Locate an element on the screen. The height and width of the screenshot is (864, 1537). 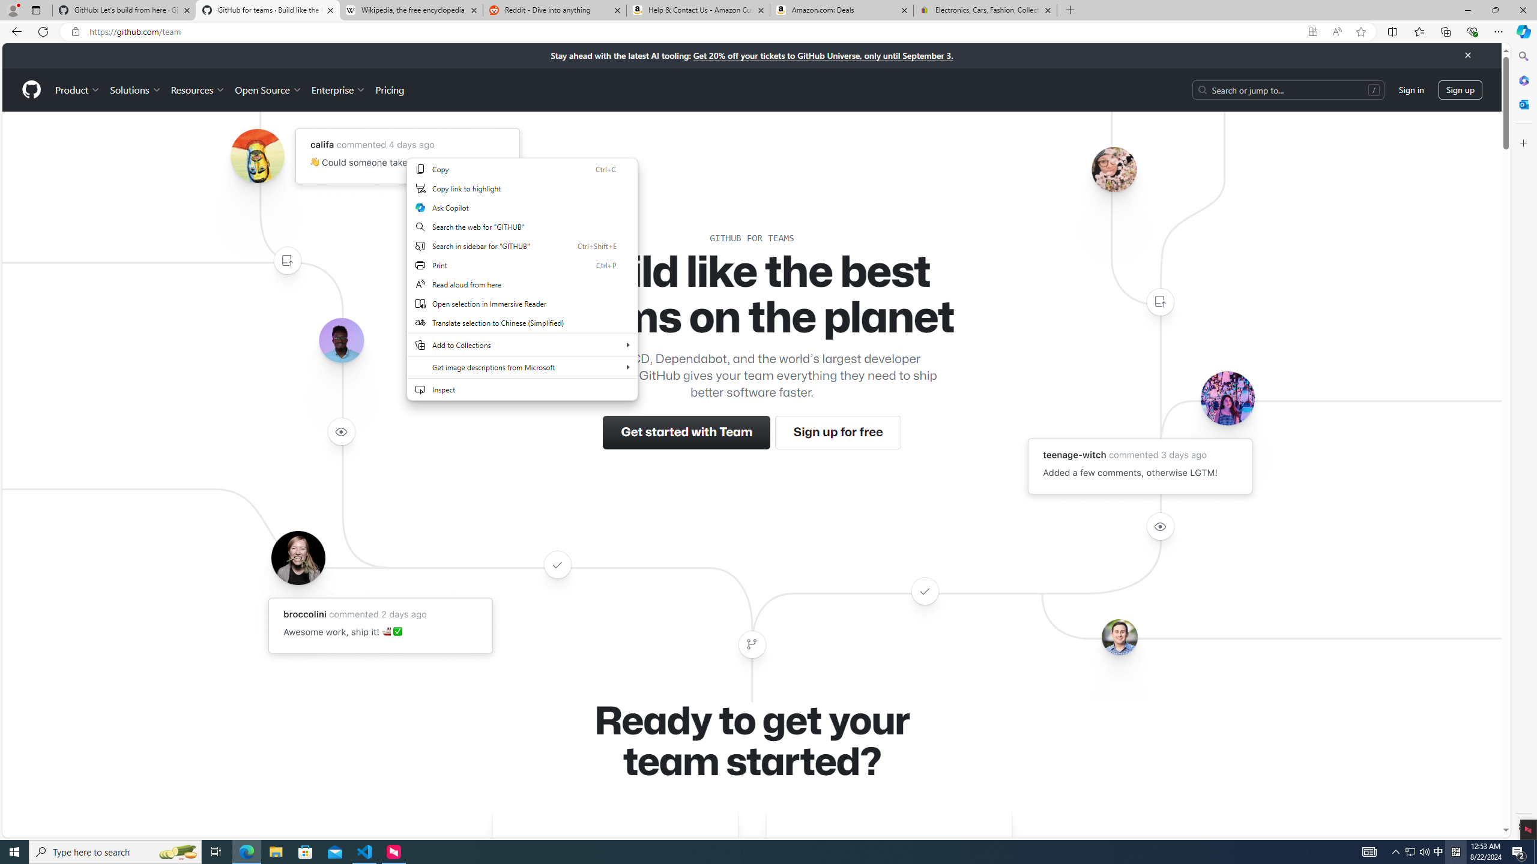
'Copy' is located at coordinates (522, 169).